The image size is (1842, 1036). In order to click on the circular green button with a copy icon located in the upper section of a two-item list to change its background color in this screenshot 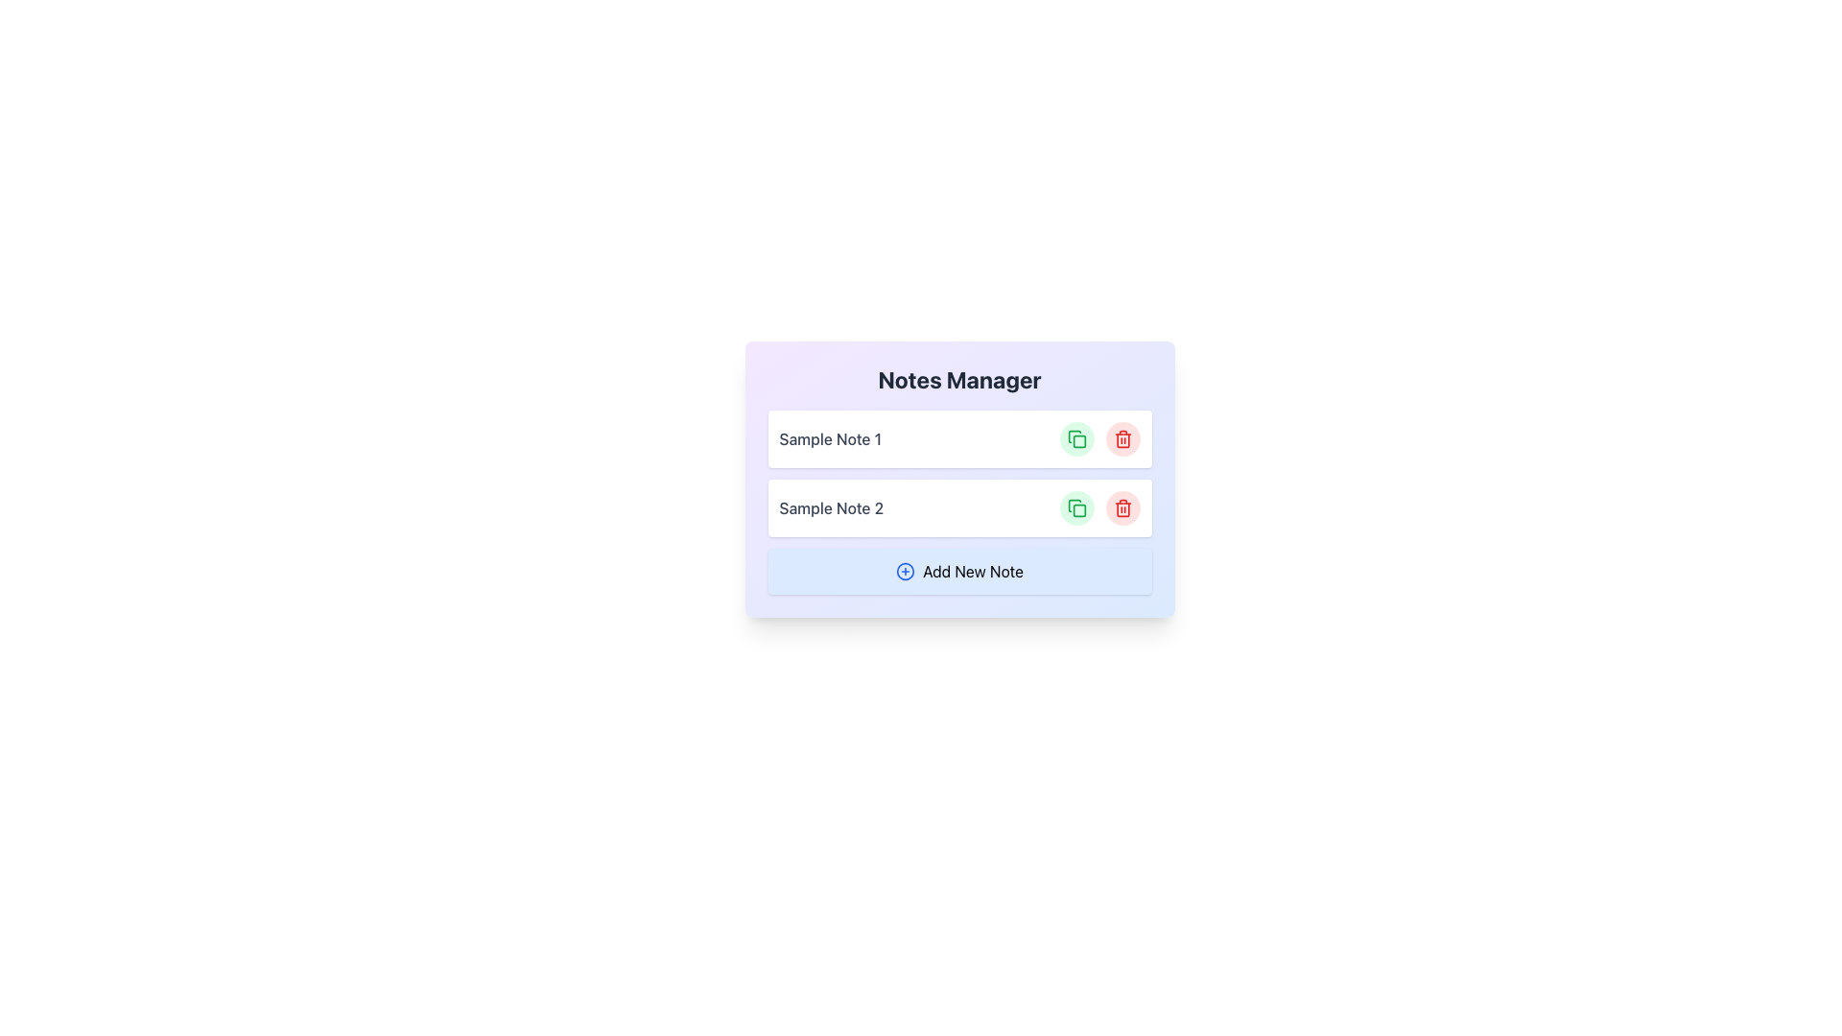, I will do `click(1076, 439)`.